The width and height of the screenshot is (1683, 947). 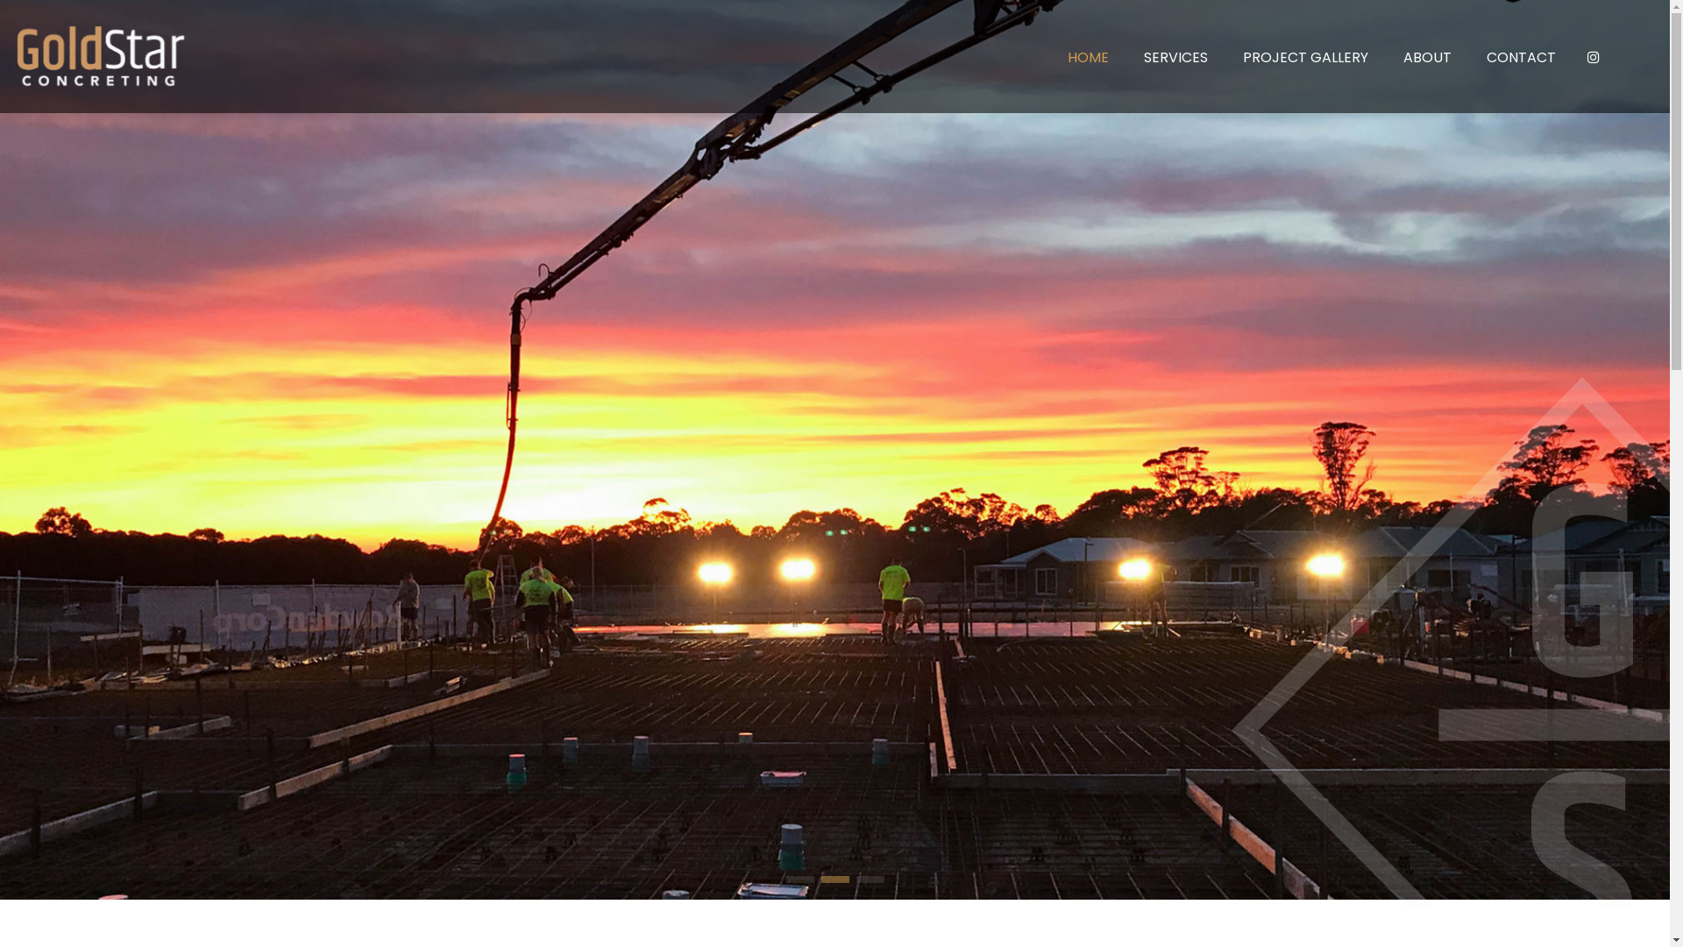 I want to click on 'PROJECT GALLERY', so click(x=1305, y=56).